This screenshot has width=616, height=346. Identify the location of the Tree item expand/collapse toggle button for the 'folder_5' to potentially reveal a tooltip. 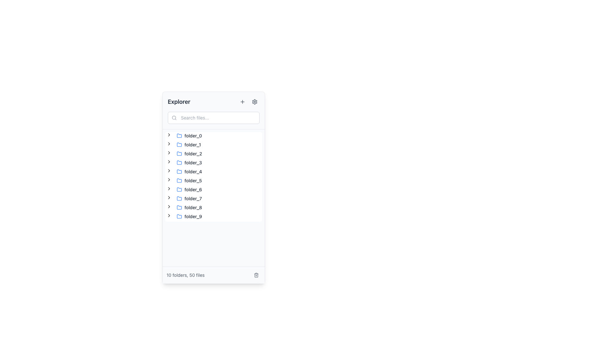
(169, 180).